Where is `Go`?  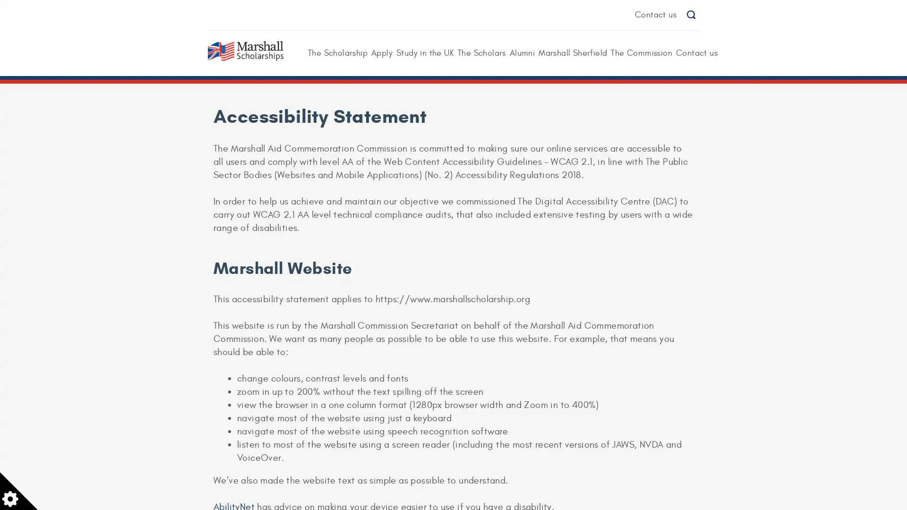
Go is located at coordinates (691, 15).